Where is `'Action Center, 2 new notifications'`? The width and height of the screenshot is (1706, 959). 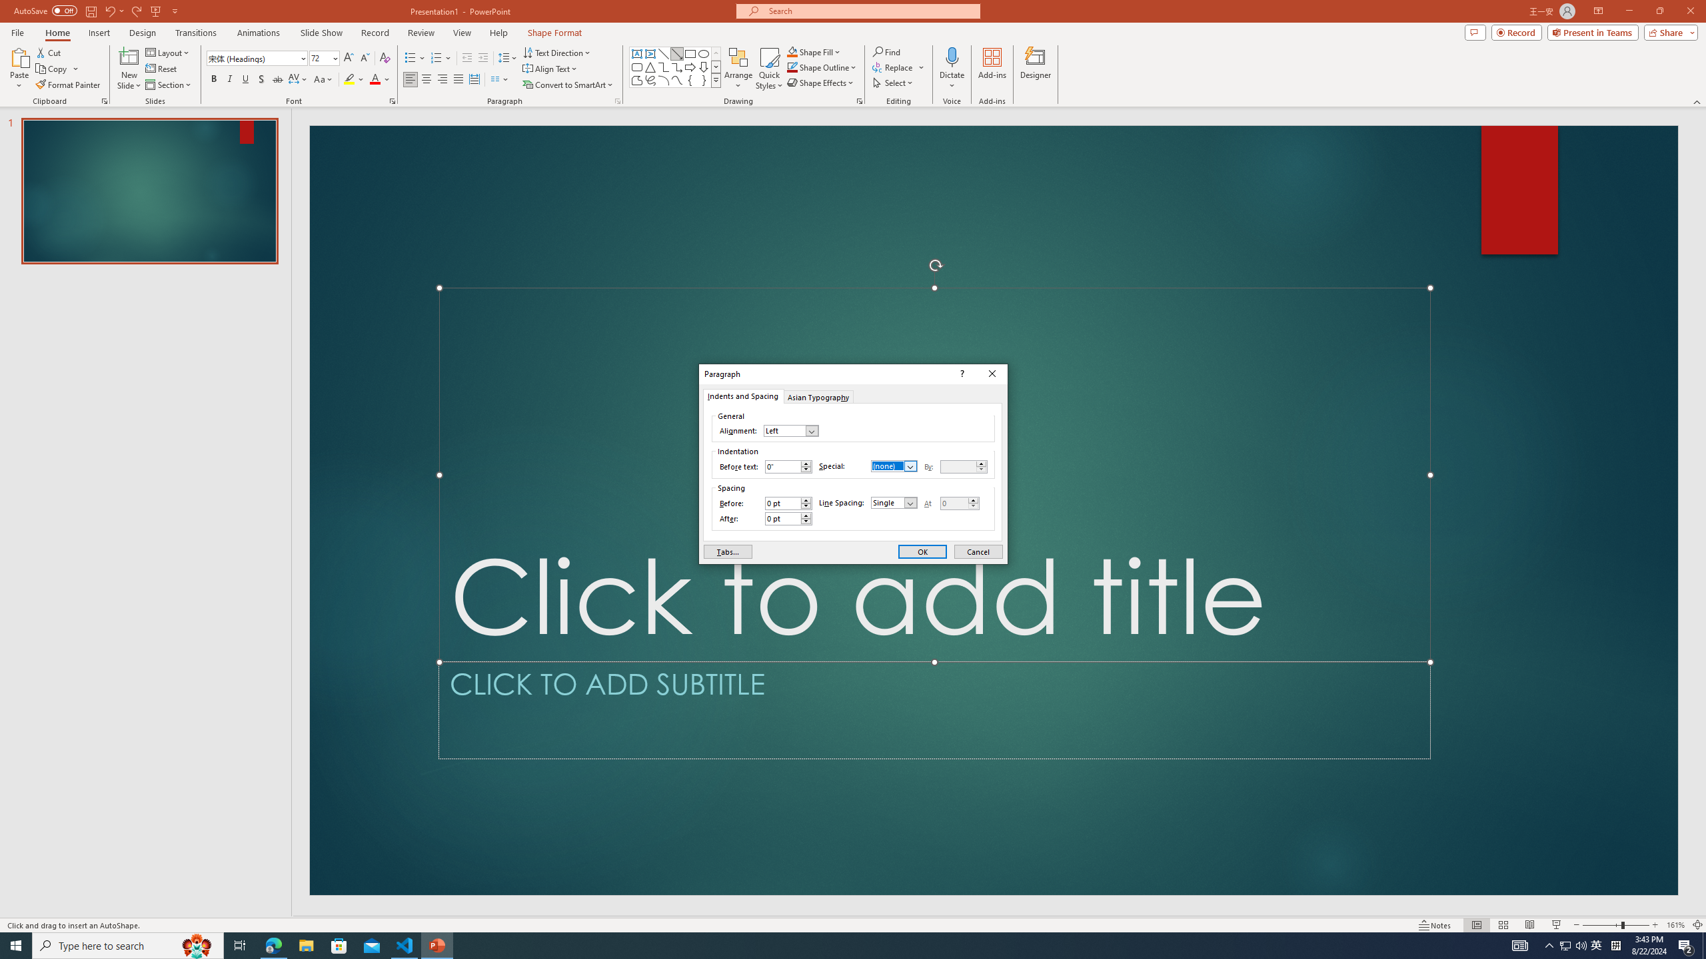 'Action Center, 2 new notifications' is located at coordinates (1686, 944).